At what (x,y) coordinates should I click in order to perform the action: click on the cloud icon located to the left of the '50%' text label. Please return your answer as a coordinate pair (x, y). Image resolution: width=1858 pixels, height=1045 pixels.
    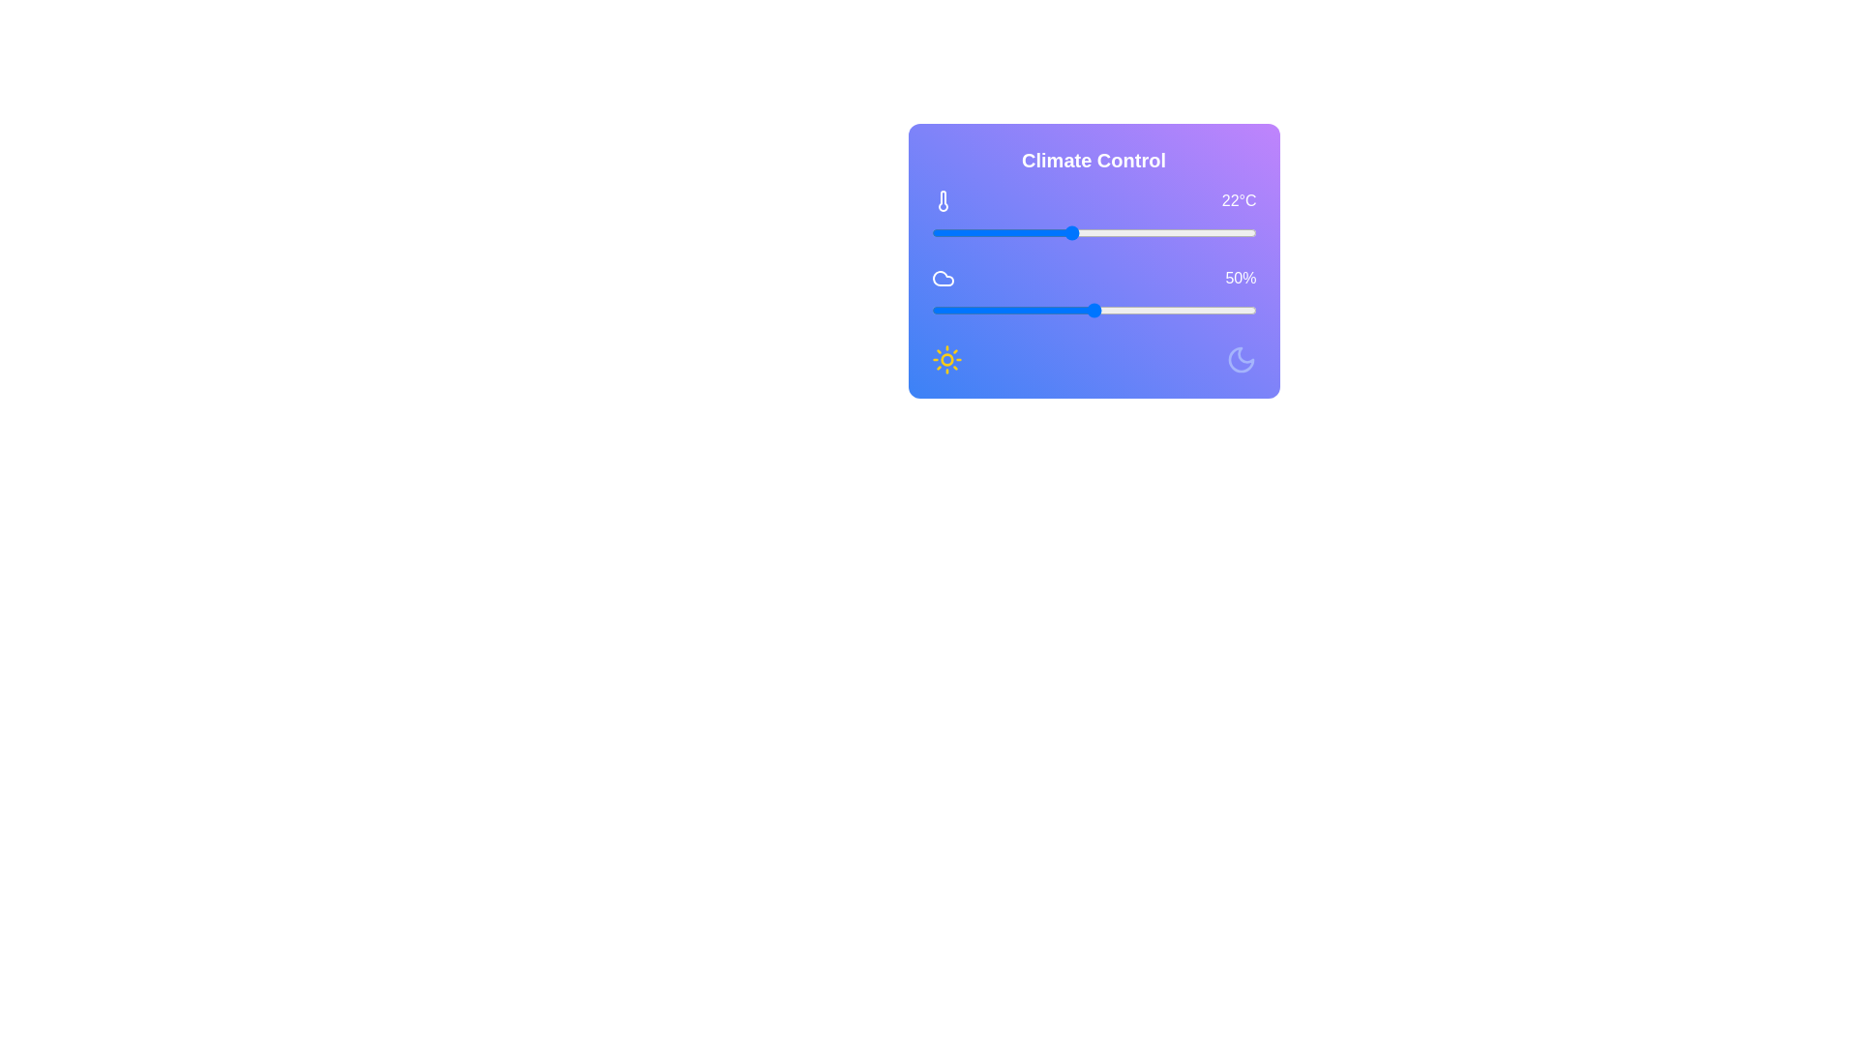
    Looking at the image, I should click on (943, 279).